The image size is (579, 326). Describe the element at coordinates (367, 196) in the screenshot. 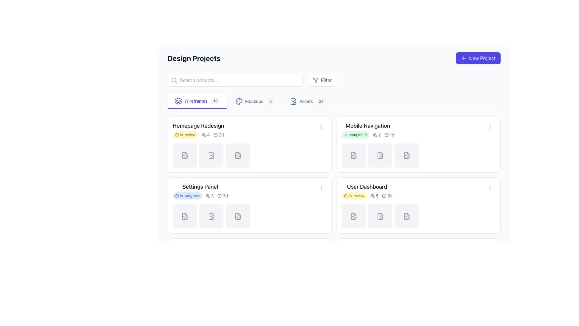

I see `status indication from the 'in-review' Status Label located in the lower part of the 'User Dashboard' card, positioned in the rightmost column of the grid layout, just below the title 'User Dashboard'` at that location.